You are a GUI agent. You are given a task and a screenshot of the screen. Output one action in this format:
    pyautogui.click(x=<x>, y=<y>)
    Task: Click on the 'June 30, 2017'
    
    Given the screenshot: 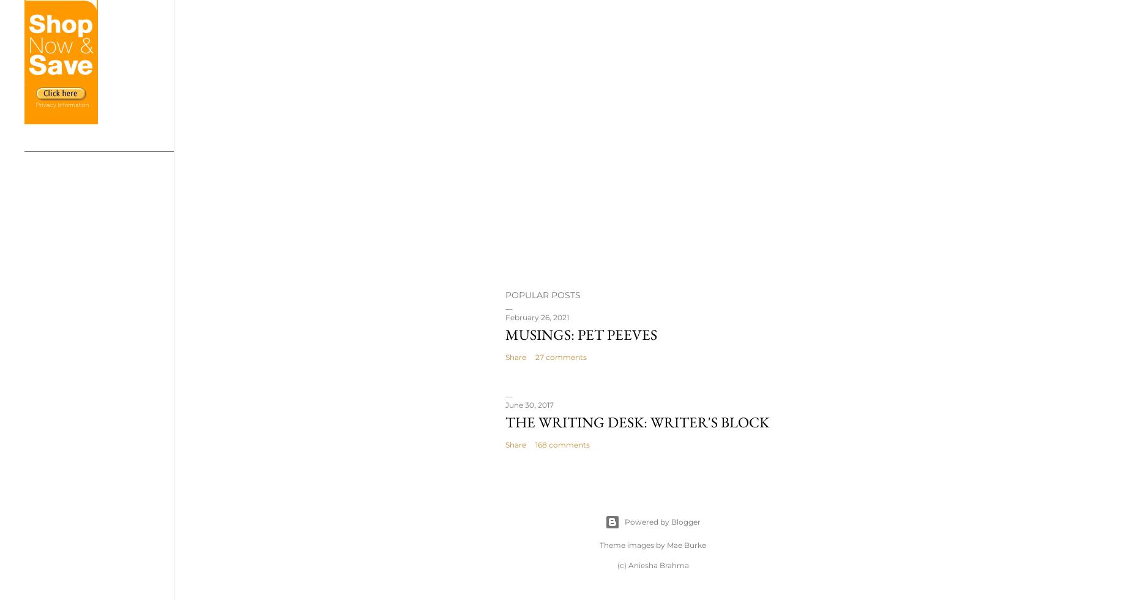 What is the action you would take?
    pyautogui.click(x=529, y=405)
    